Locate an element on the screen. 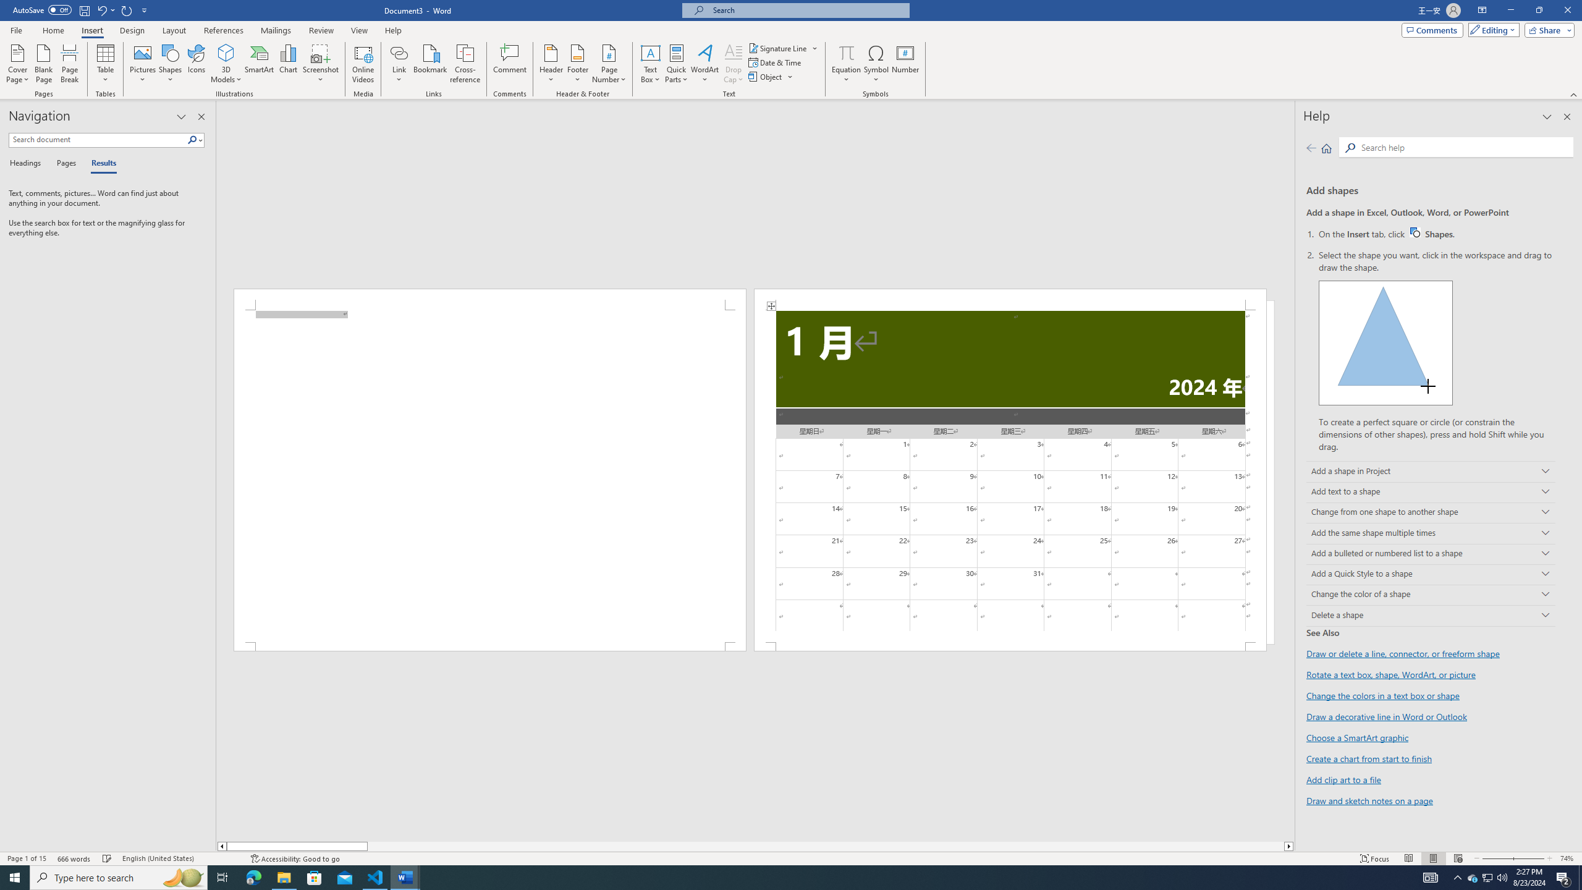 The width and height of the screenshot is (1582, 890). 'Object...' is located at coordinates (771, 75).